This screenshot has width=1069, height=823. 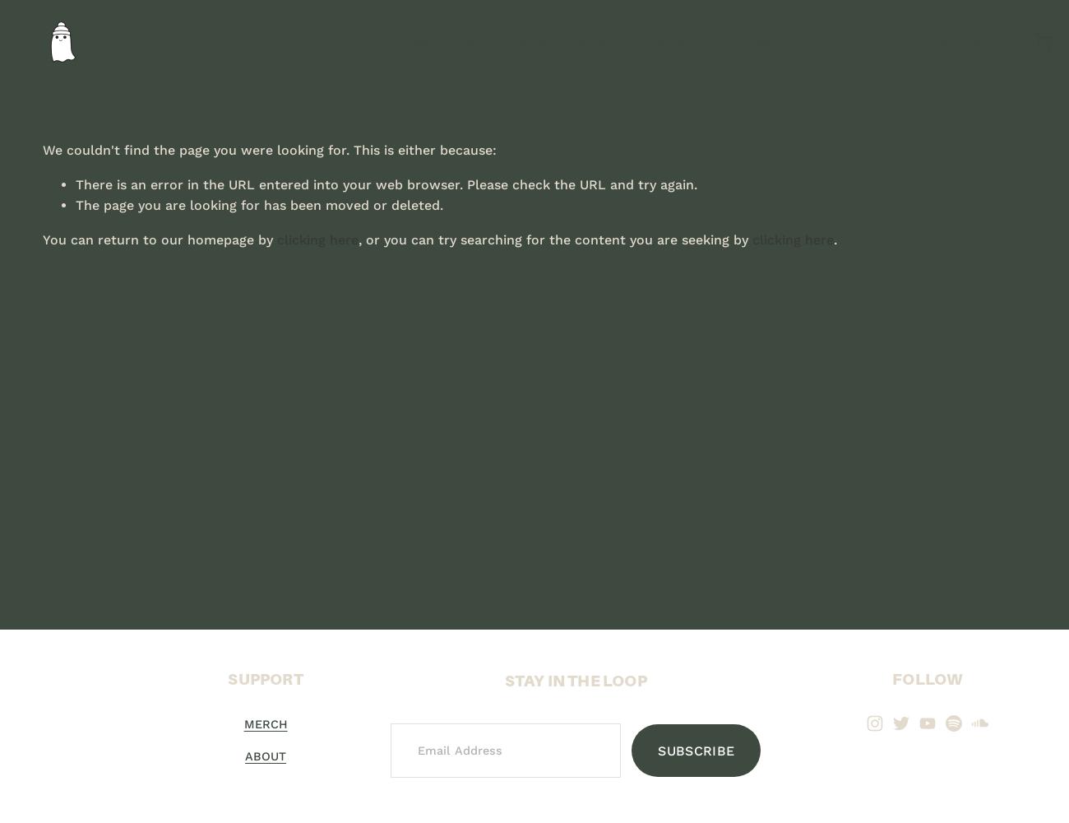 I want to click on 'FOLLOW', so click(x=891, y=678).